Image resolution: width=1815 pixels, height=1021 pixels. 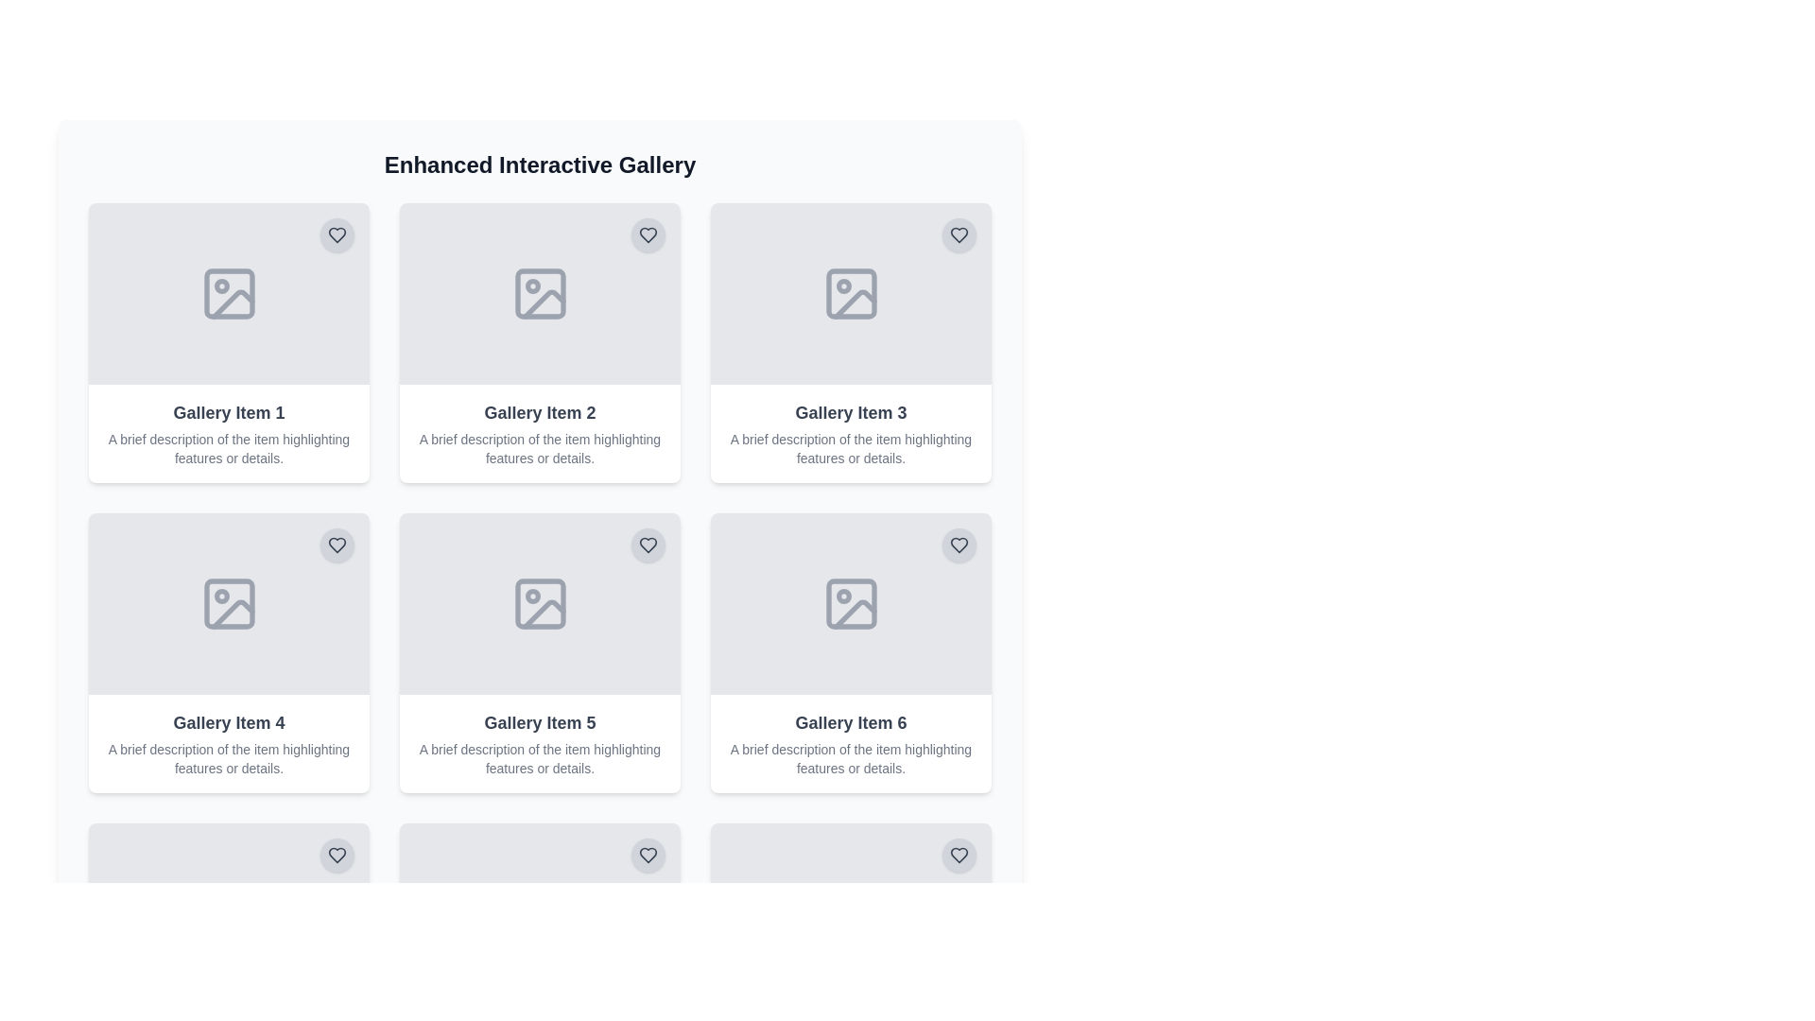 What do you see at coordinates (850, 913) in the screenshot?
I see `the decorative rectangular shape in the SVG, which is positioned below 'Gallery Item 6' and serves as a structural component in the layout` at bounding box center [850, 913].